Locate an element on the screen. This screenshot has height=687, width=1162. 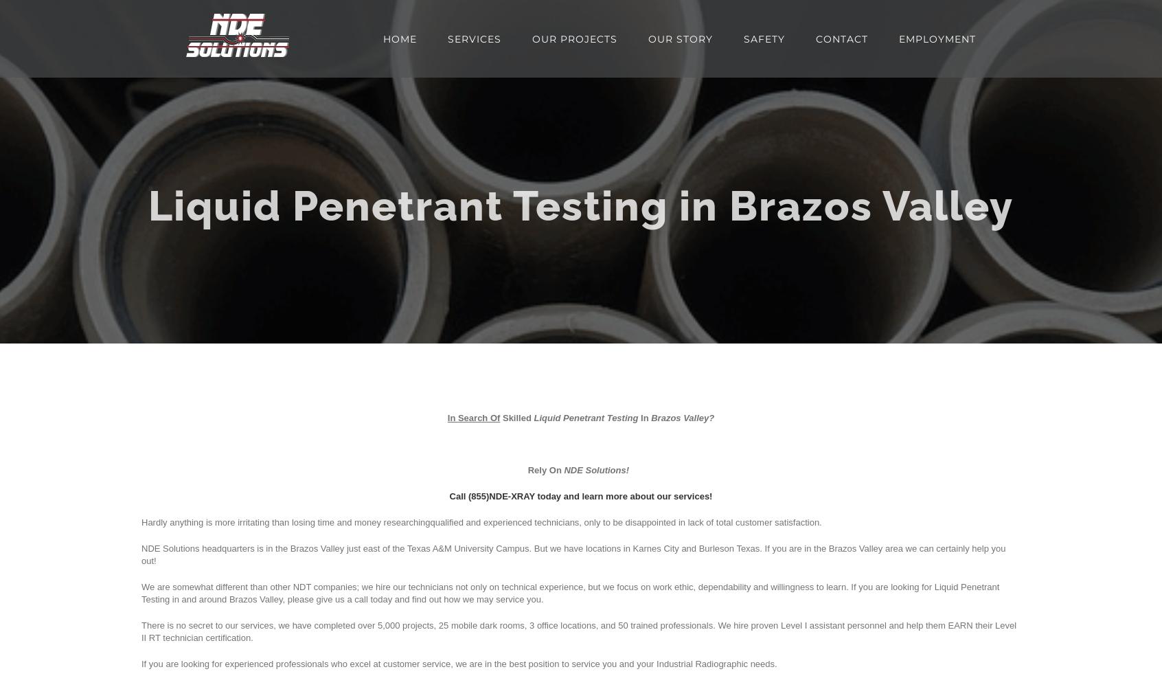
'Skilled' is located at coordinates (514, 417).